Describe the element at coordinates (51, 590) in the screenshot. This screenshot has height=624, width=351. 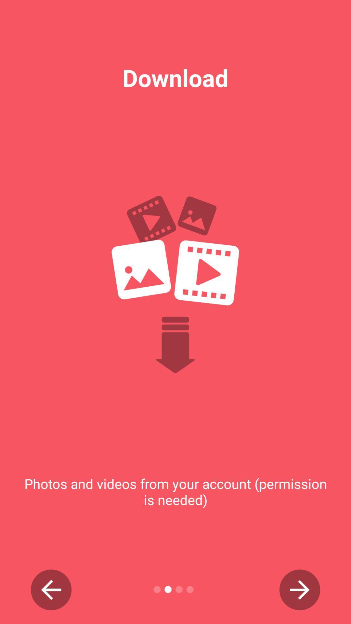
I see `item below the photos and videos item` at that location.